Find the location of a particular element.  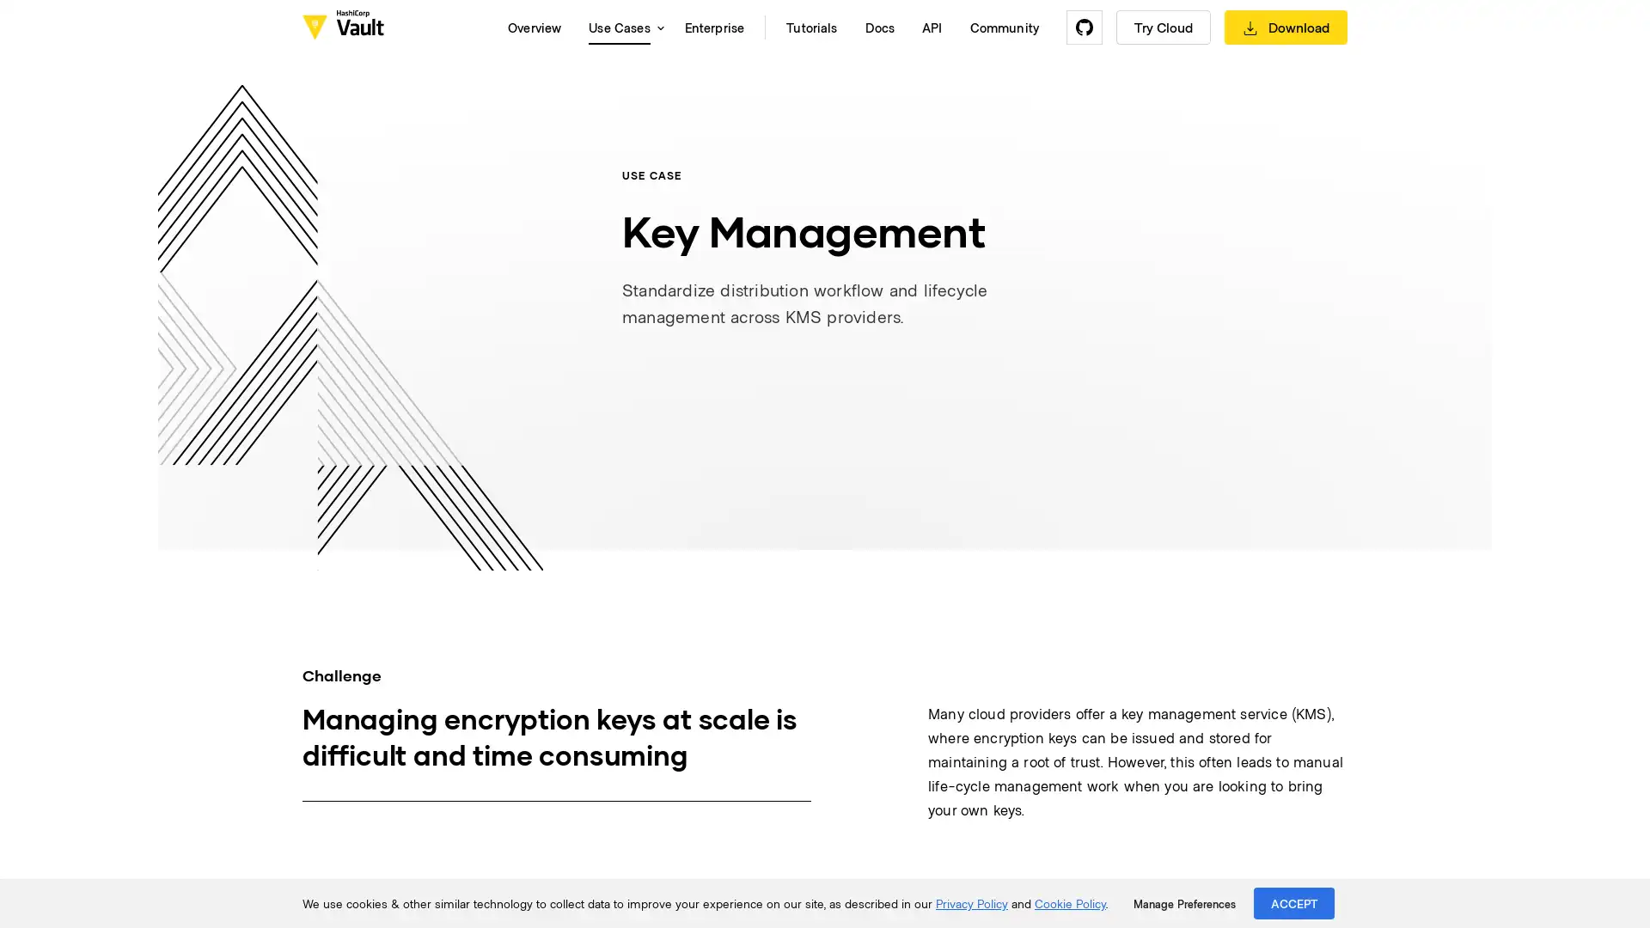

ACCEPT is located at coordinates (1294, 902).